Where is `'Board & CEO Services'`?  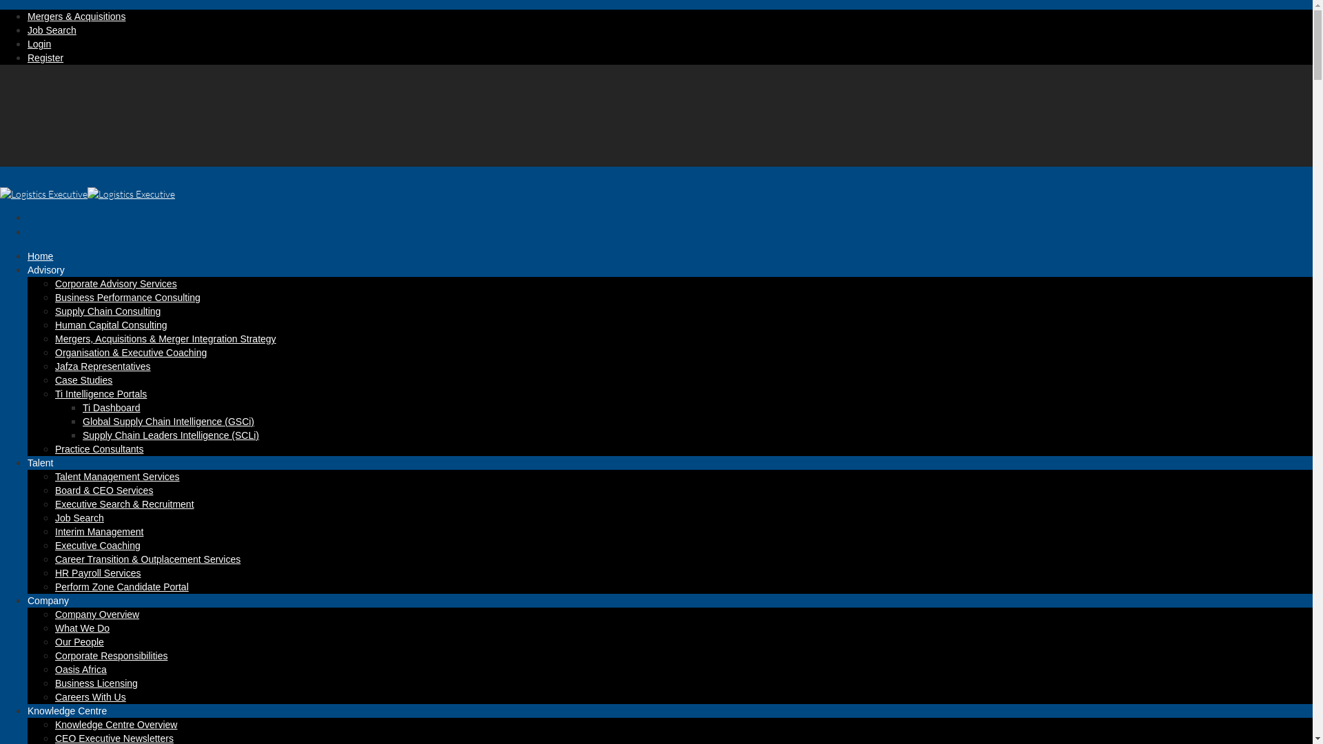
'Board & CEO Services' is located at coordinates (103, 490).